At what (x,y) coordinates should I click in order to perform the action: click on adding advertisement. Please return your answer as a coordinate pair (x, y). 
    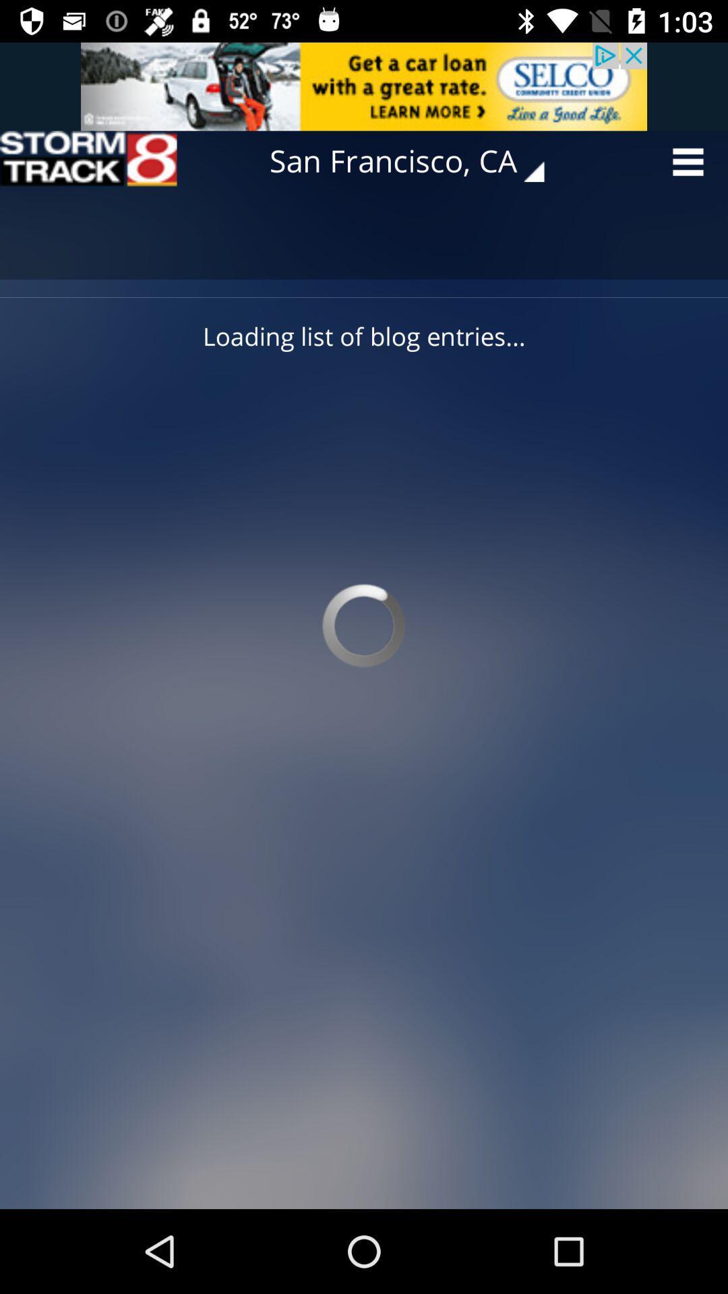
    Looking at the image, I should click on (364, 86).